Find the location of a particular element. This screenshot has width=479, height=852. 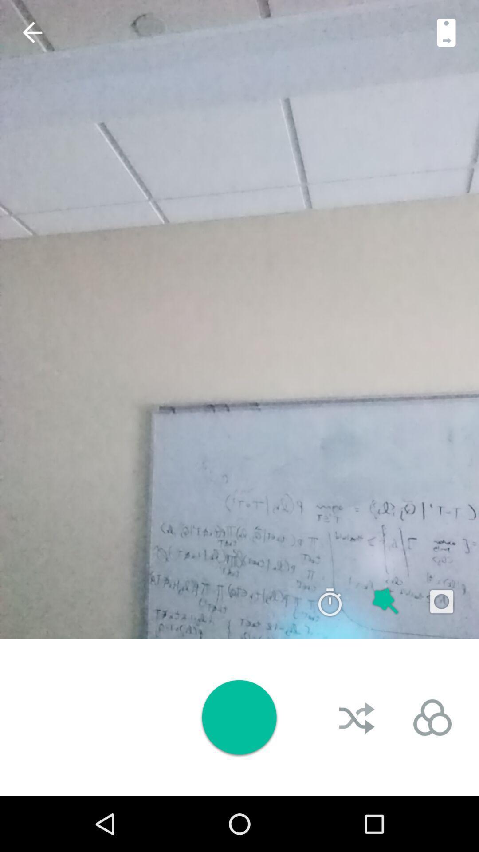

the time icon is located at coordinates (330, 602).